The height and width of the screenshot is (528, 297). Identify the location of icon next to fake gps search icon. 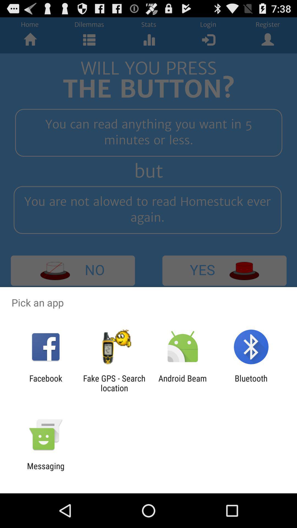
(183, 383).